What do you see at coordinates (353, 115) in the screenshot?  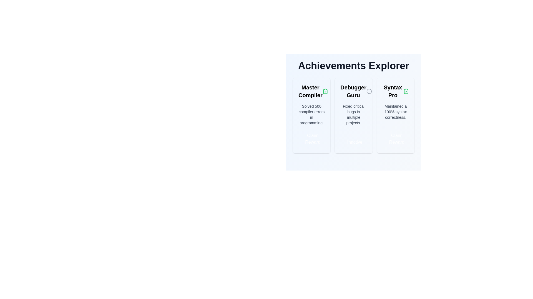 I see `any interactive sub-element of the inactive achievement card that represents fixing critical bugs, located between the 'Master Compiler' and 'Syntax Pro' cards in the achievements section` at bounding box center [353, 115].